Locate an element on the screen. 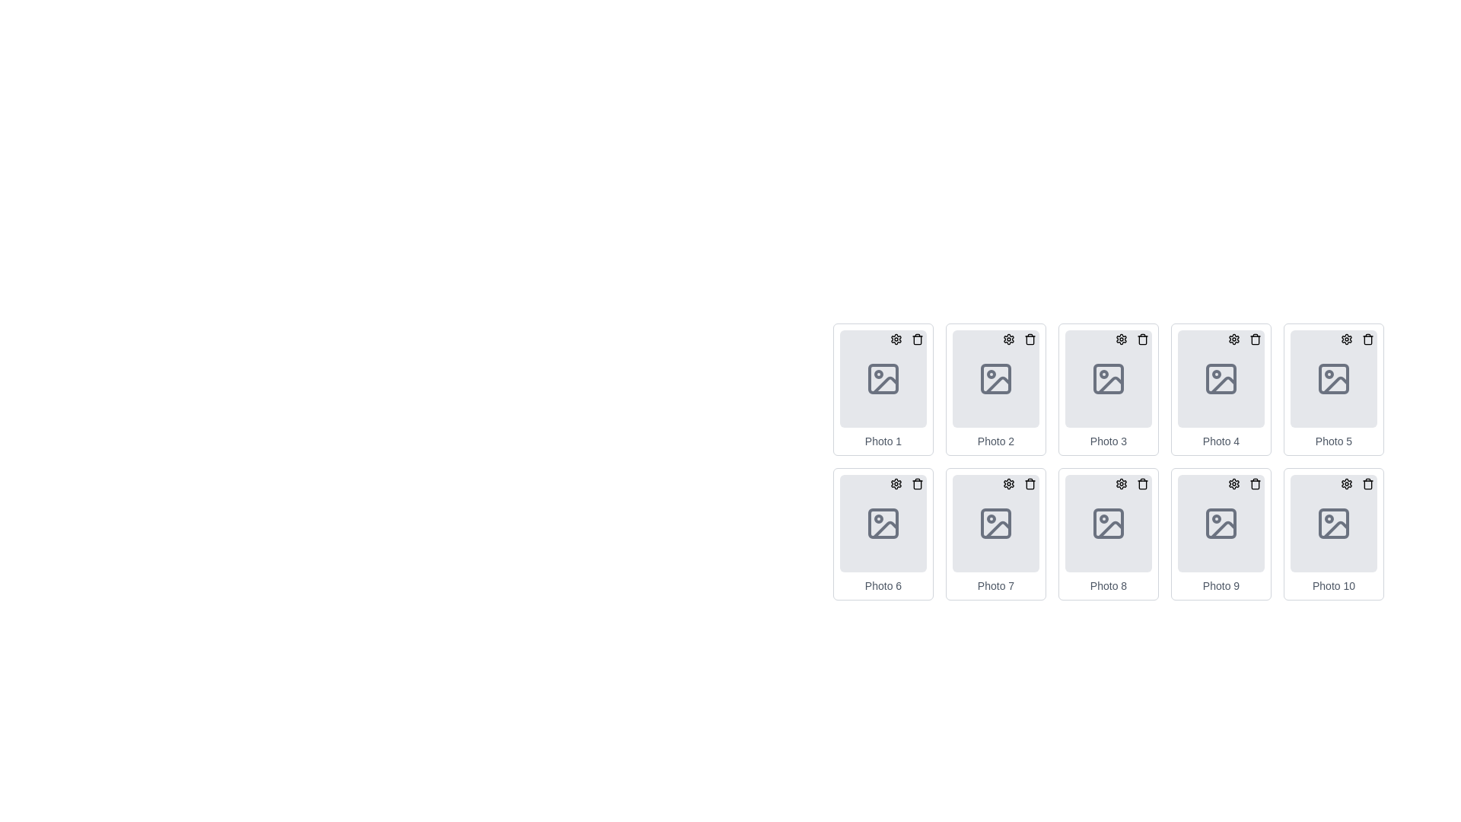  the settings icon button located in the top-right corner of the 'Photo 10' card is located at coordinates (1347, 484).